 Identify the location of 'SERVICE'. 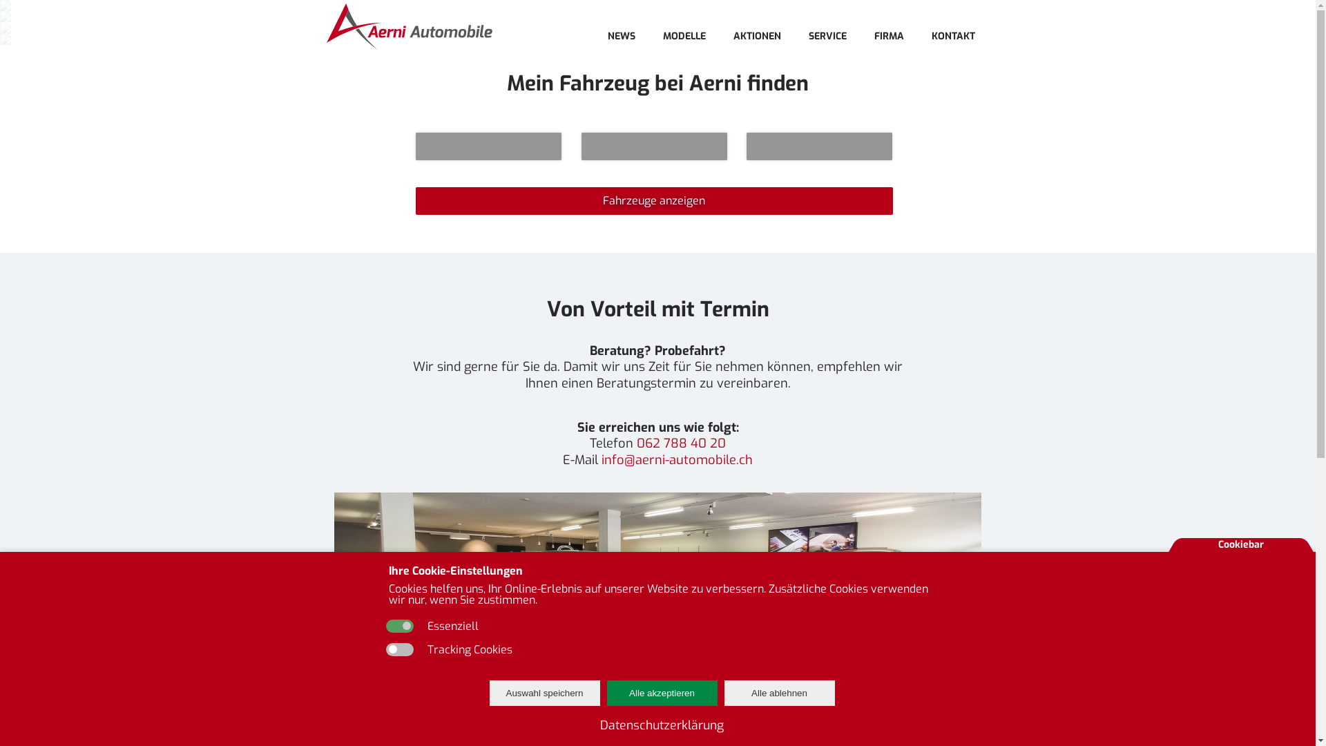
(827, 35).